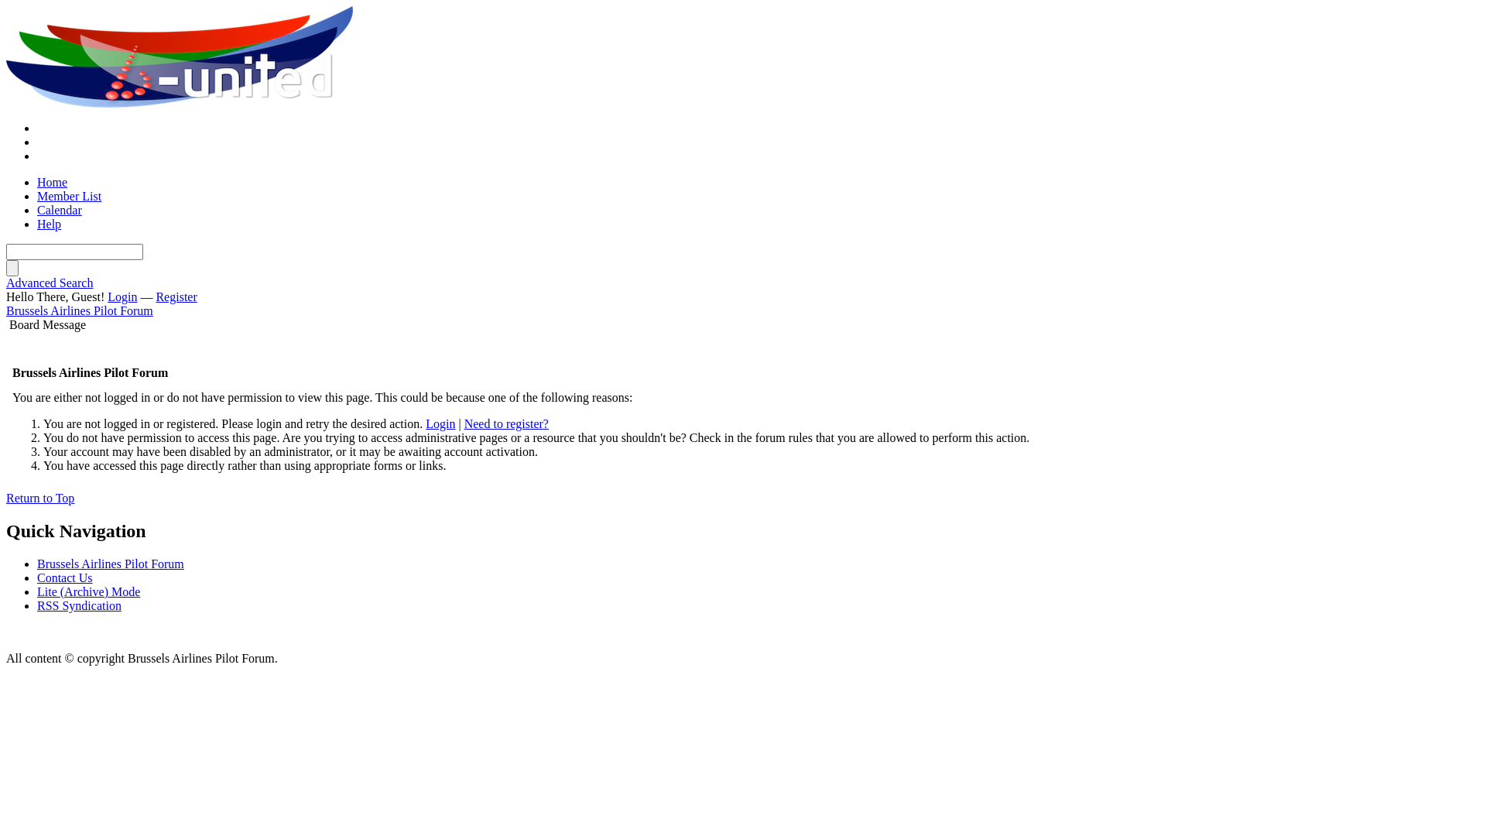  Describe the element at coordinates (37, 224) in the screenshot. I see `'Help'` at that location.